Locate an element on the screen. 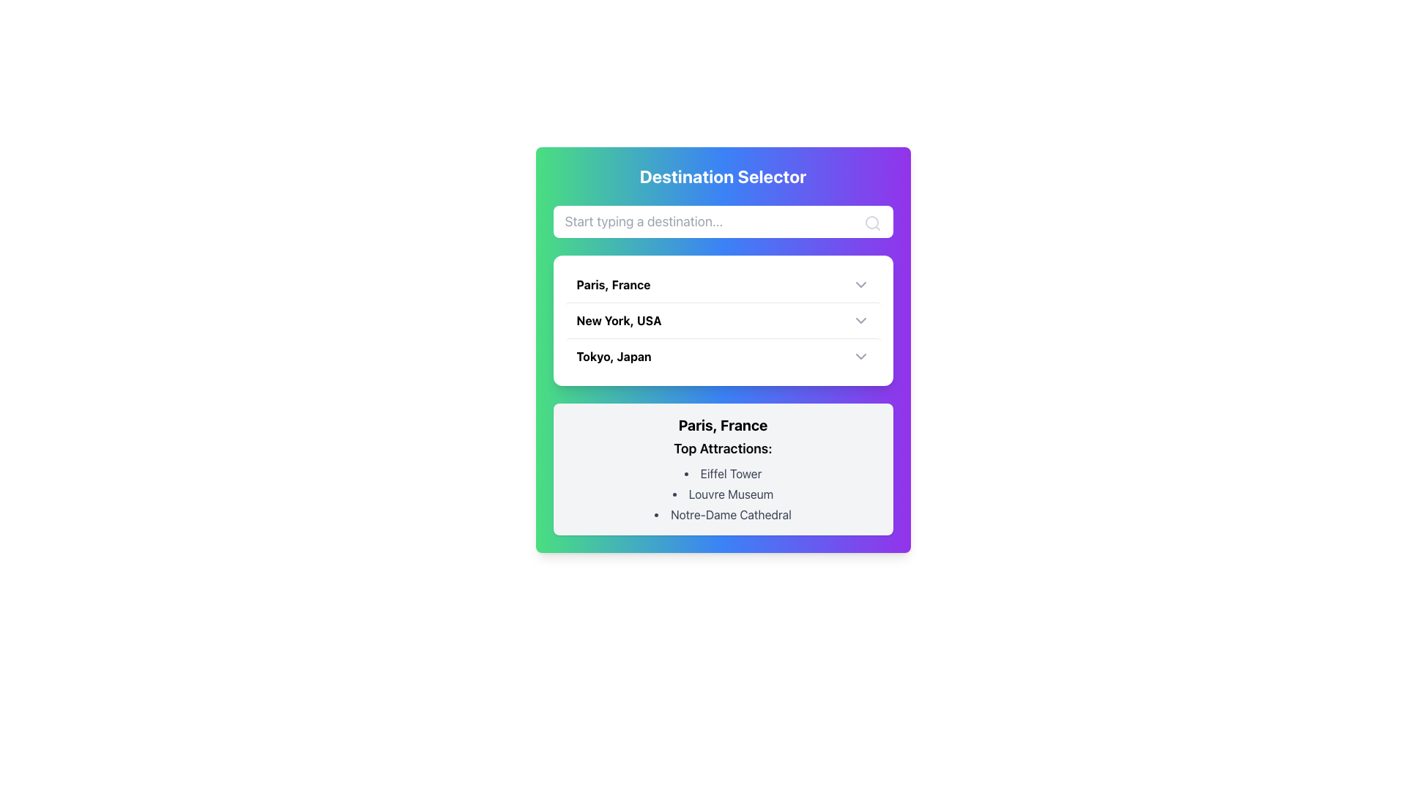  the text element that reads 'New York, USA' in the Destination Selector dropdown is located at coordinates (619, 320).